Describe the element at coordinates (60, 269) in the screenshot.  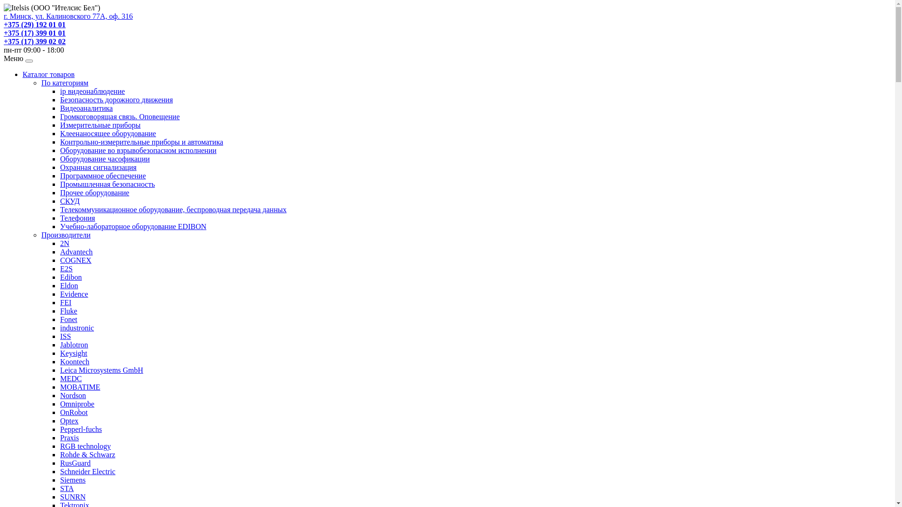
I see `'E2S'` at that location.